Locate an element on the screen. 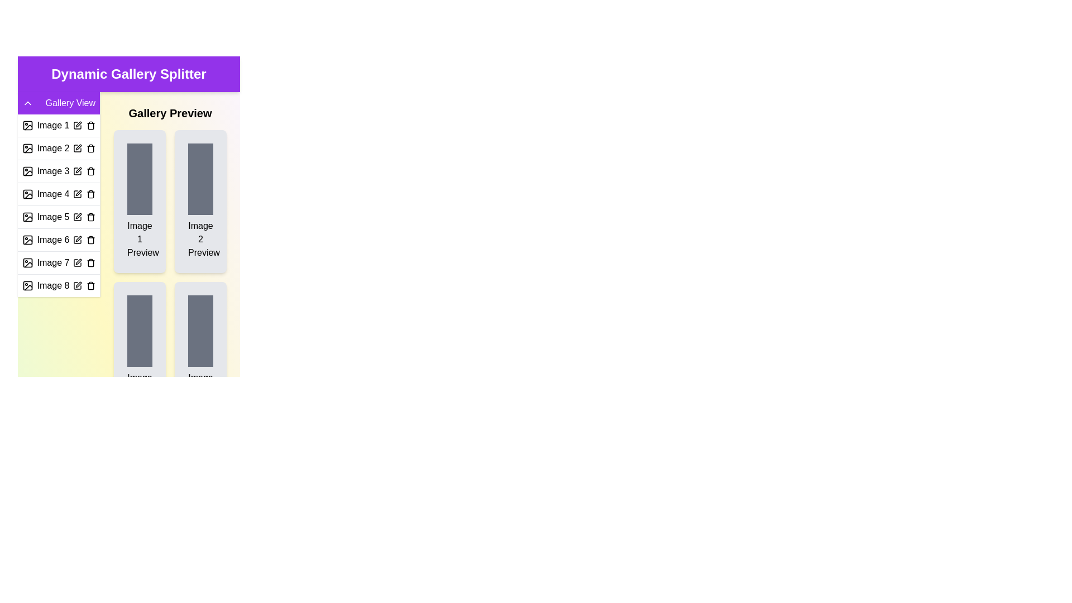  the trash icon button located to the far right of 'Image 8' in the 'Gallery View', which changes color to red upon hovering is located at coordinates (91, 285).